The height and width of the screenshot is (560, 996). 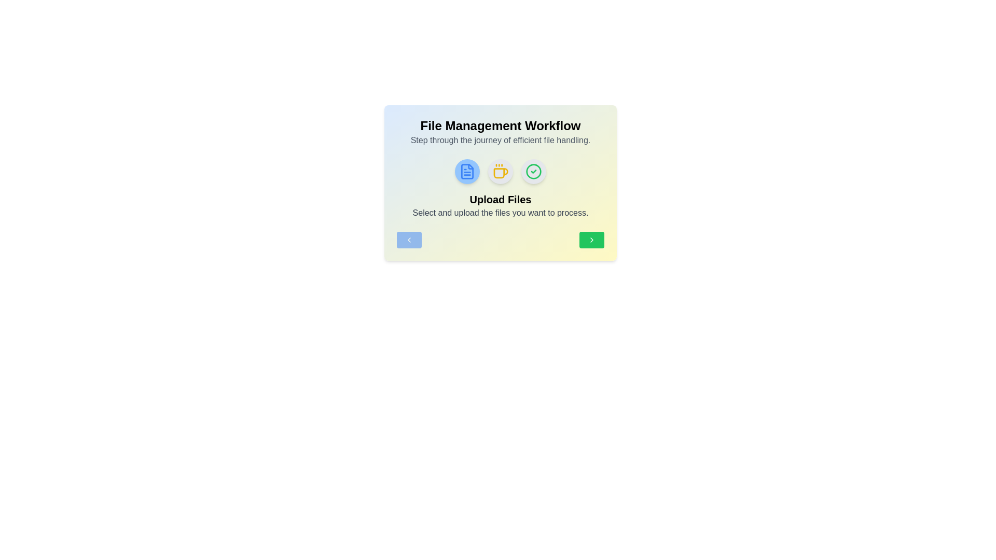 What do you see at coordinates (408, 240) in the screenshot?
I see `navigation button to move to the previous step` at bounding box center [408, 240].